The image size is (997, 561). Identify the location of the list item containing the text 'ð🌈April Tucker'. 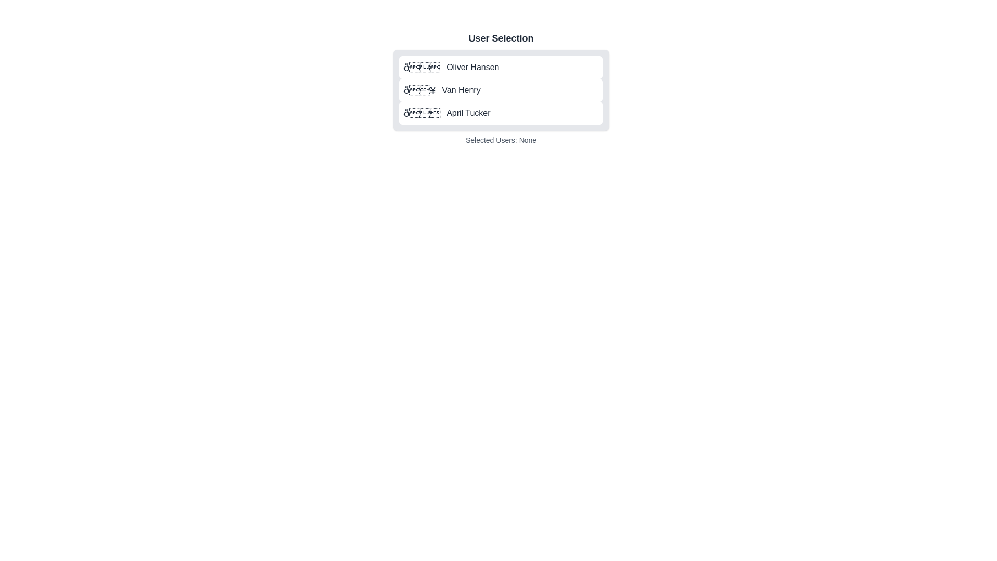
(447, 113).